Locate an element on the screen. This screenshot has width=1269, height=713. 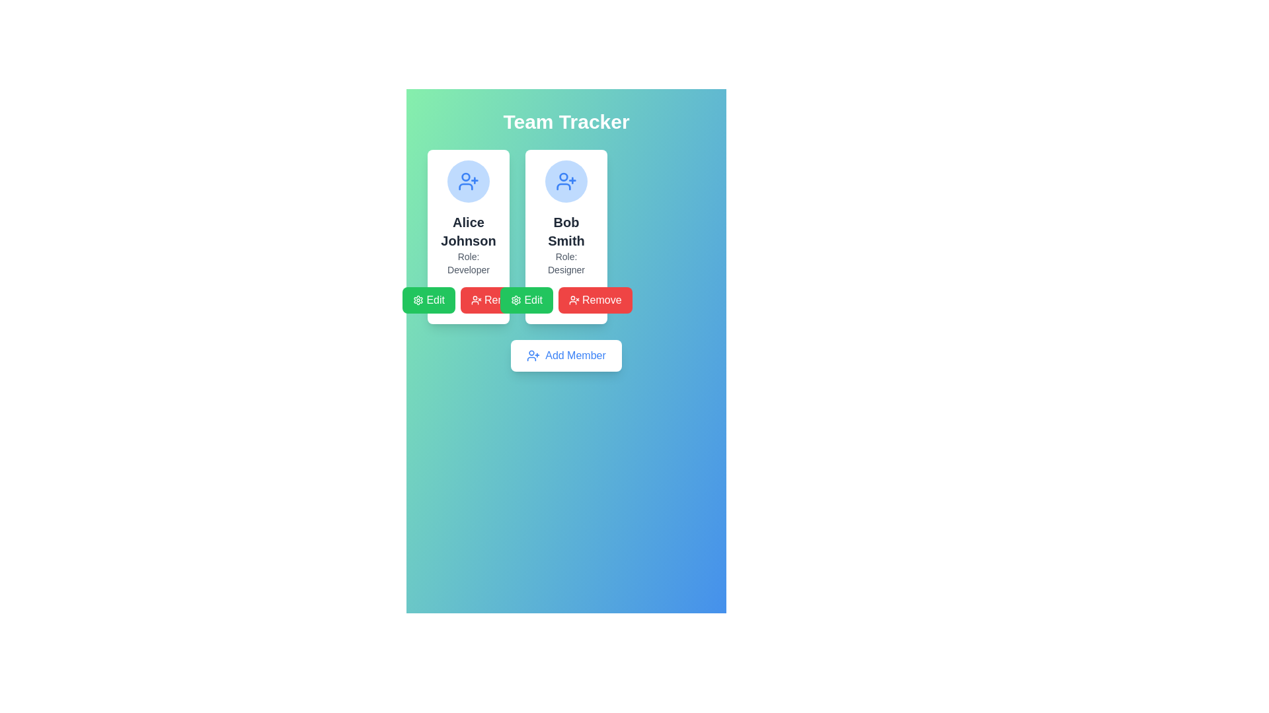
the title text element located at the top-center of the application interface, which serves as the header indicating the purpose of the app is located at coordinates (566, 122).